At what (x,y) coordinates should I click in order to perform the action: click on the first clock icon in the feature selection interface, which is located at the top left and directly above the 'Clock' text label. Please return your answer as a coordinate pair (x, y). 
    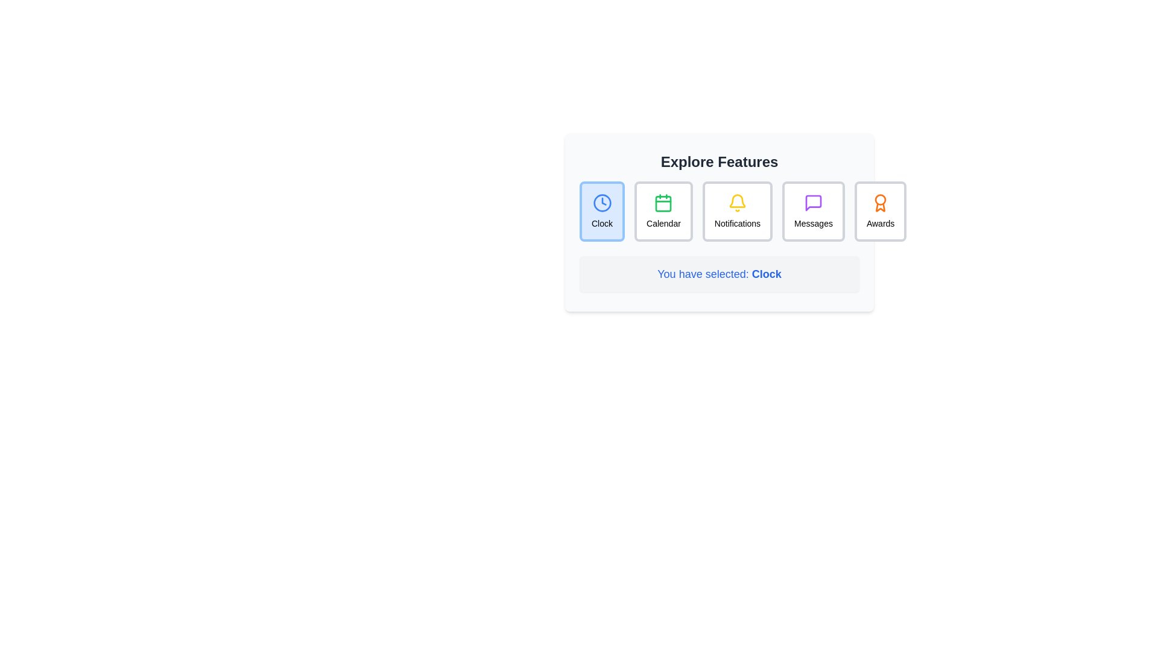
    Looking at the image, I should click on (602, 202).